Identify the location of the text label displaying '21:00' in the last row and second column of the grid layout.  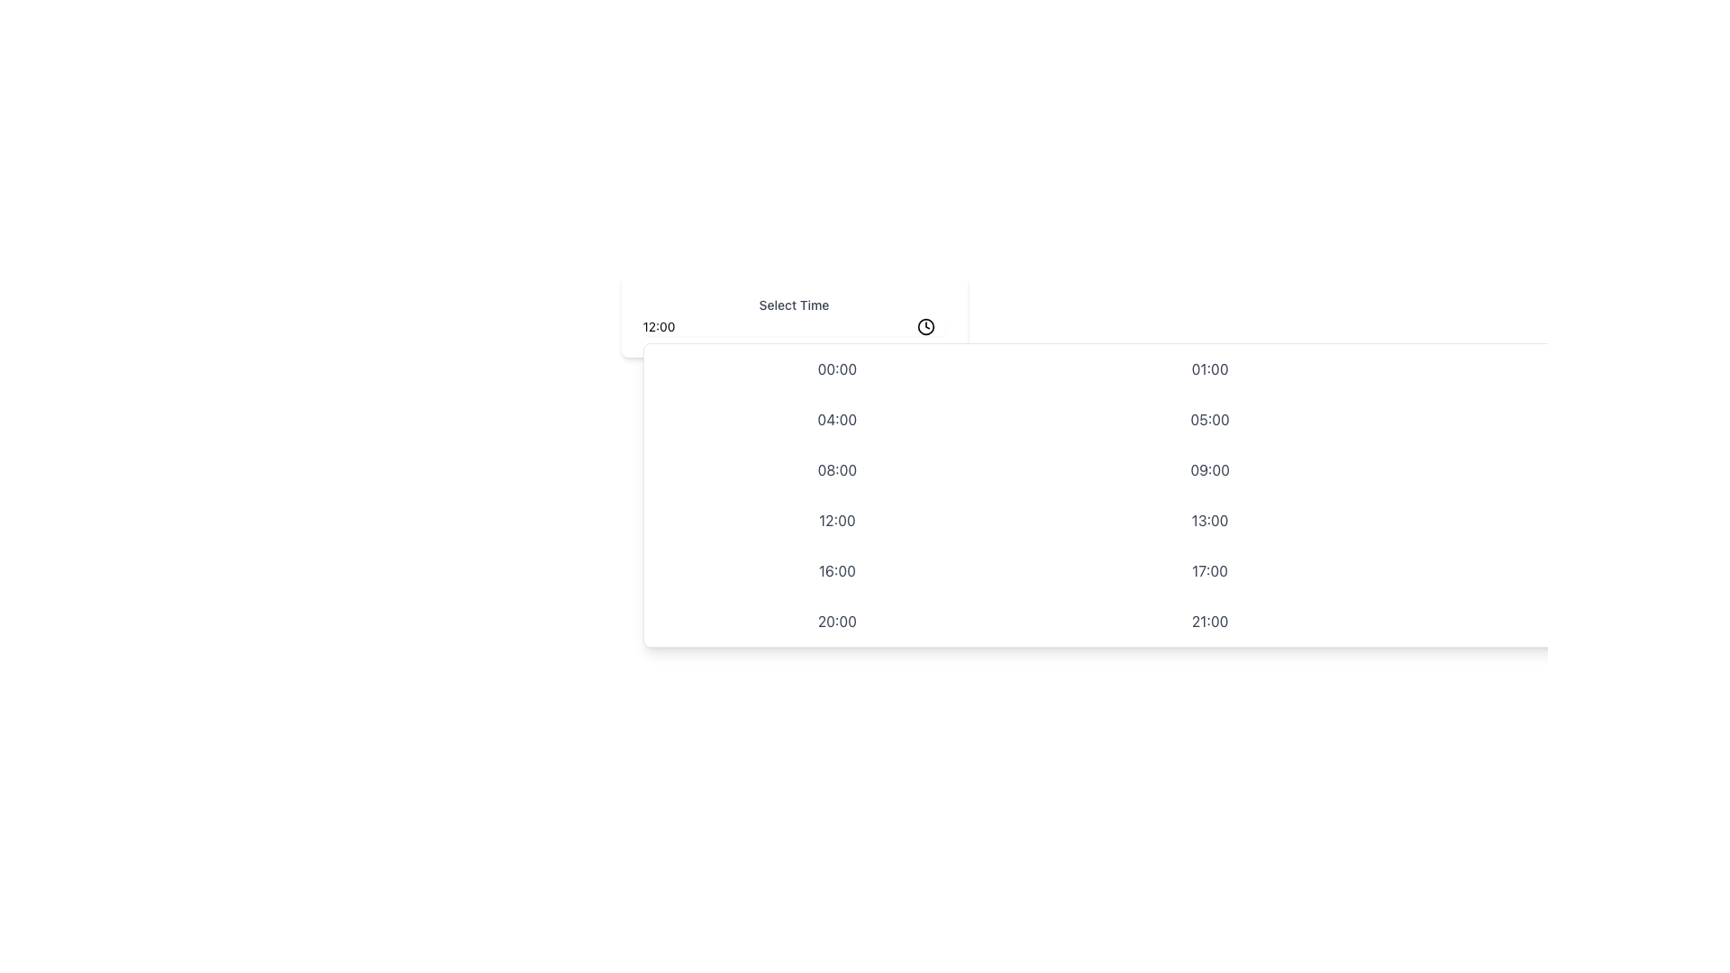
(1210, 621).